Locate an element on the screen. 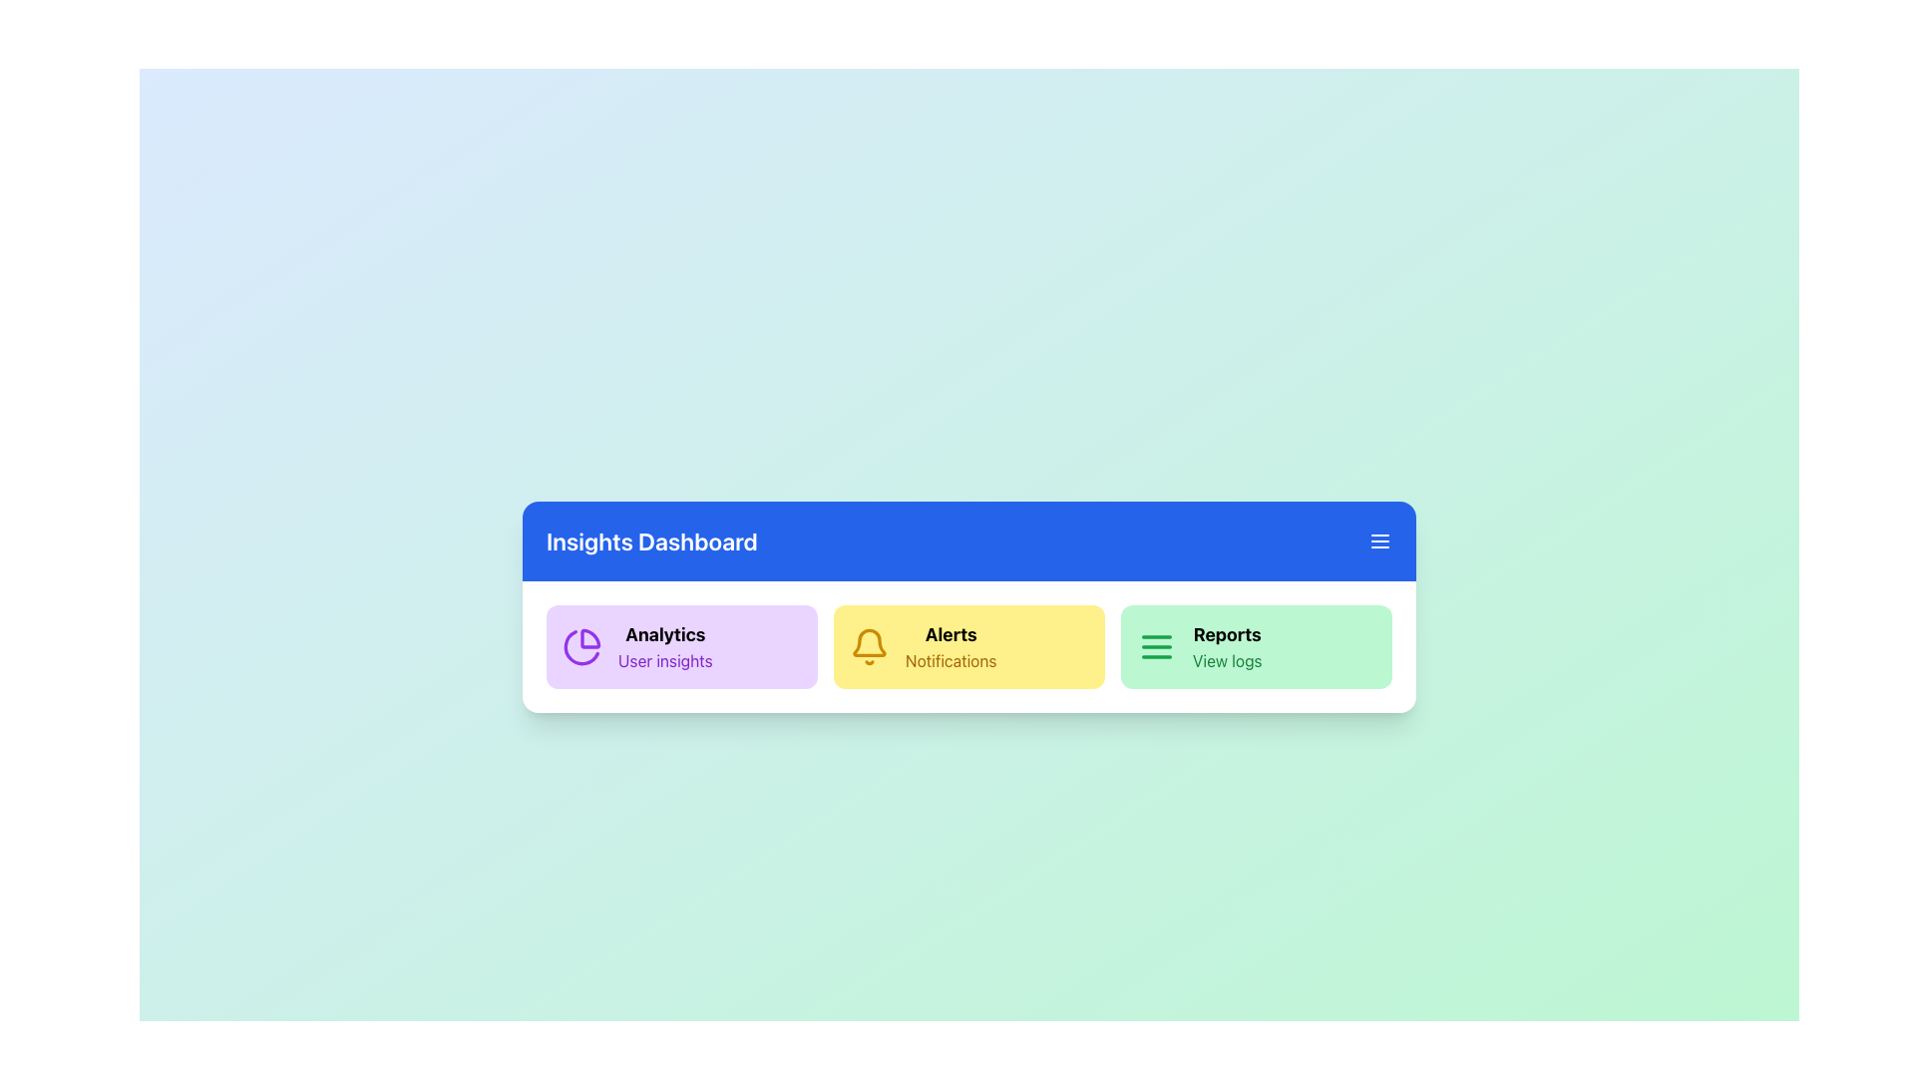 The image size is (1915, 1077). the text component displaying the title 'Insights Dashboard' in bold sans-serif font, styled in blue color, located centrally within the blue header bar at the top of the card-like section is located at coordinates (651, 541).